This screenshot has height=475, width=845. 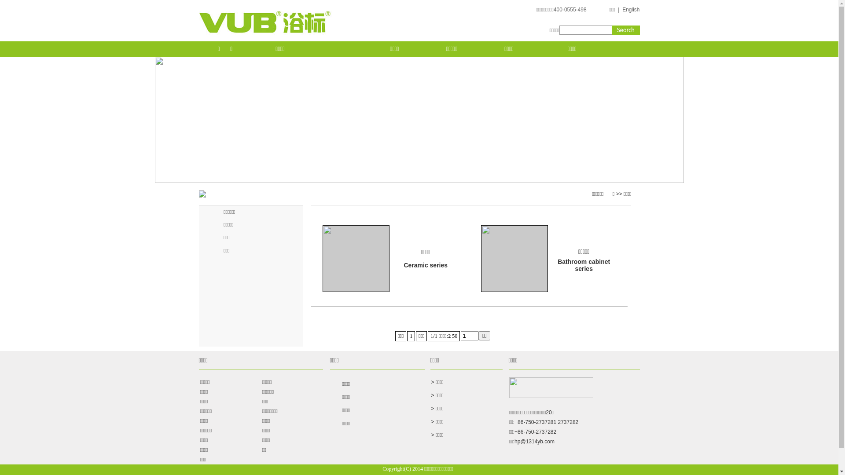 I want to click on 'Bathroom cabinet series', so click(x=584, y=264).